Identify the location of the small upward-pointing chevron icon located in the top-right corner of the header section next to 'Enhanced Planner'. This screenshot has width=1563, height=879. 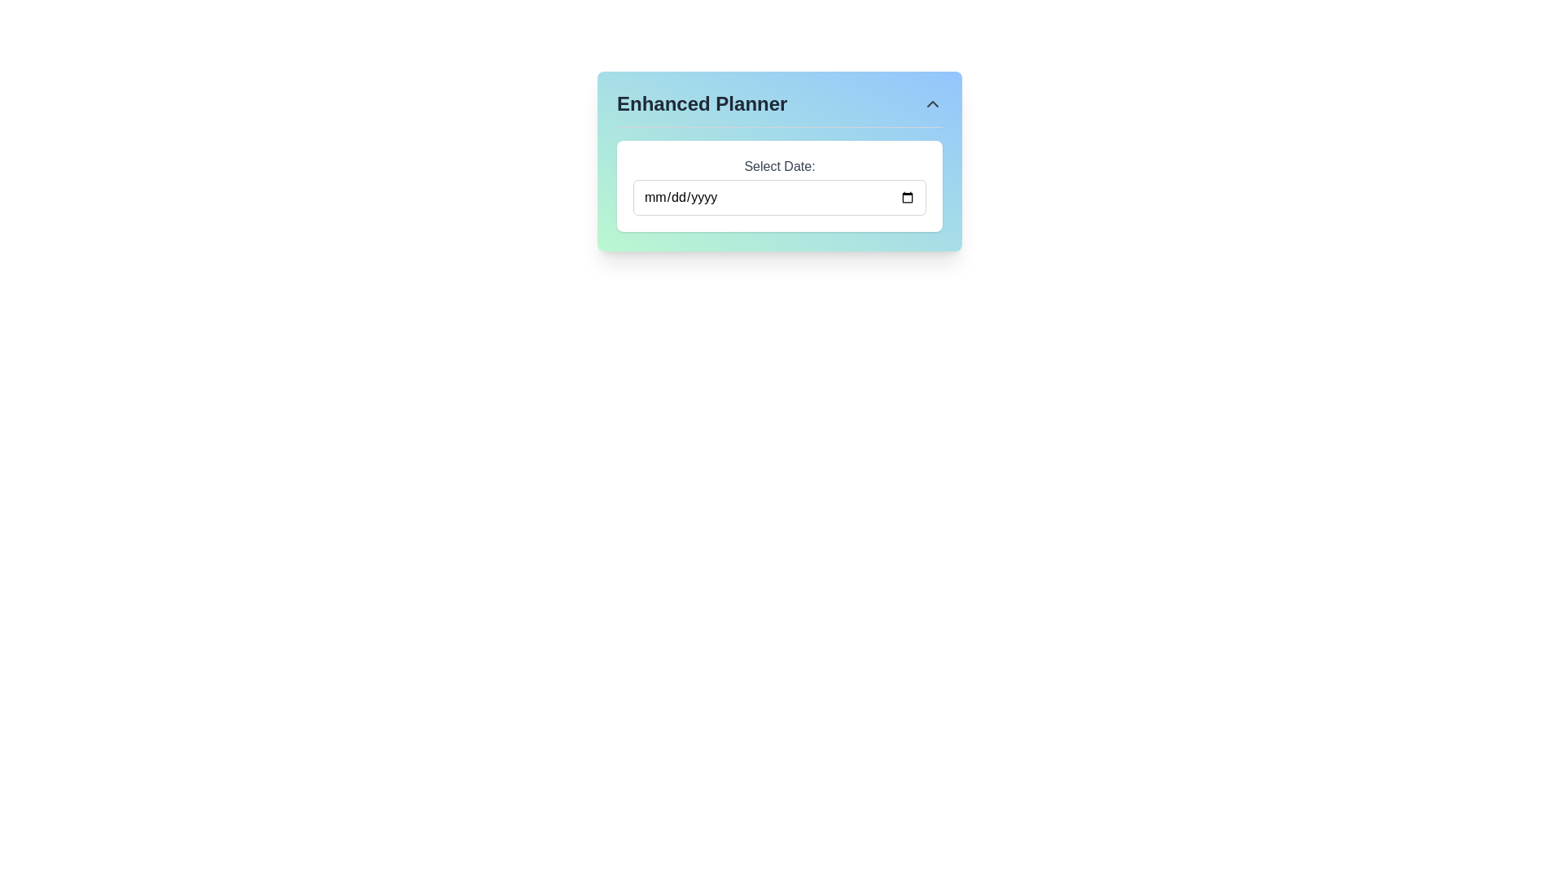
(933, 103).